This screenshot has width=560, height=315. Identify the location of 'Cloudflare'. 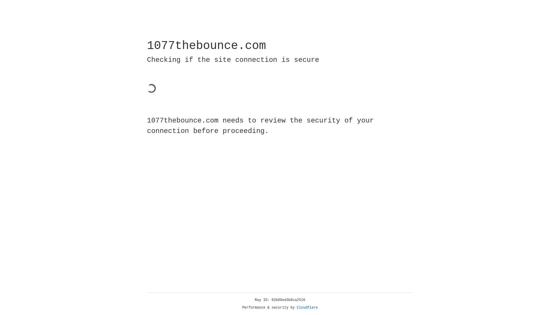
(307, 307).